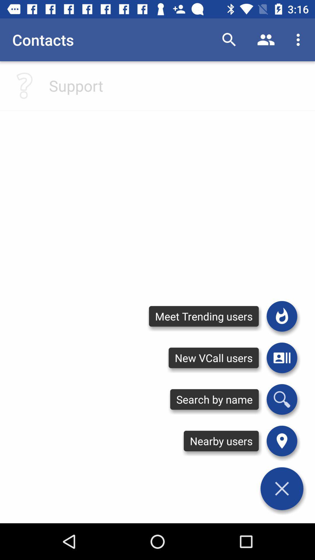  What do you see at coordinates (281, 399) in the screenshot?
I see `icon to the right of new vcall users item` at bounding box center [281, 399].